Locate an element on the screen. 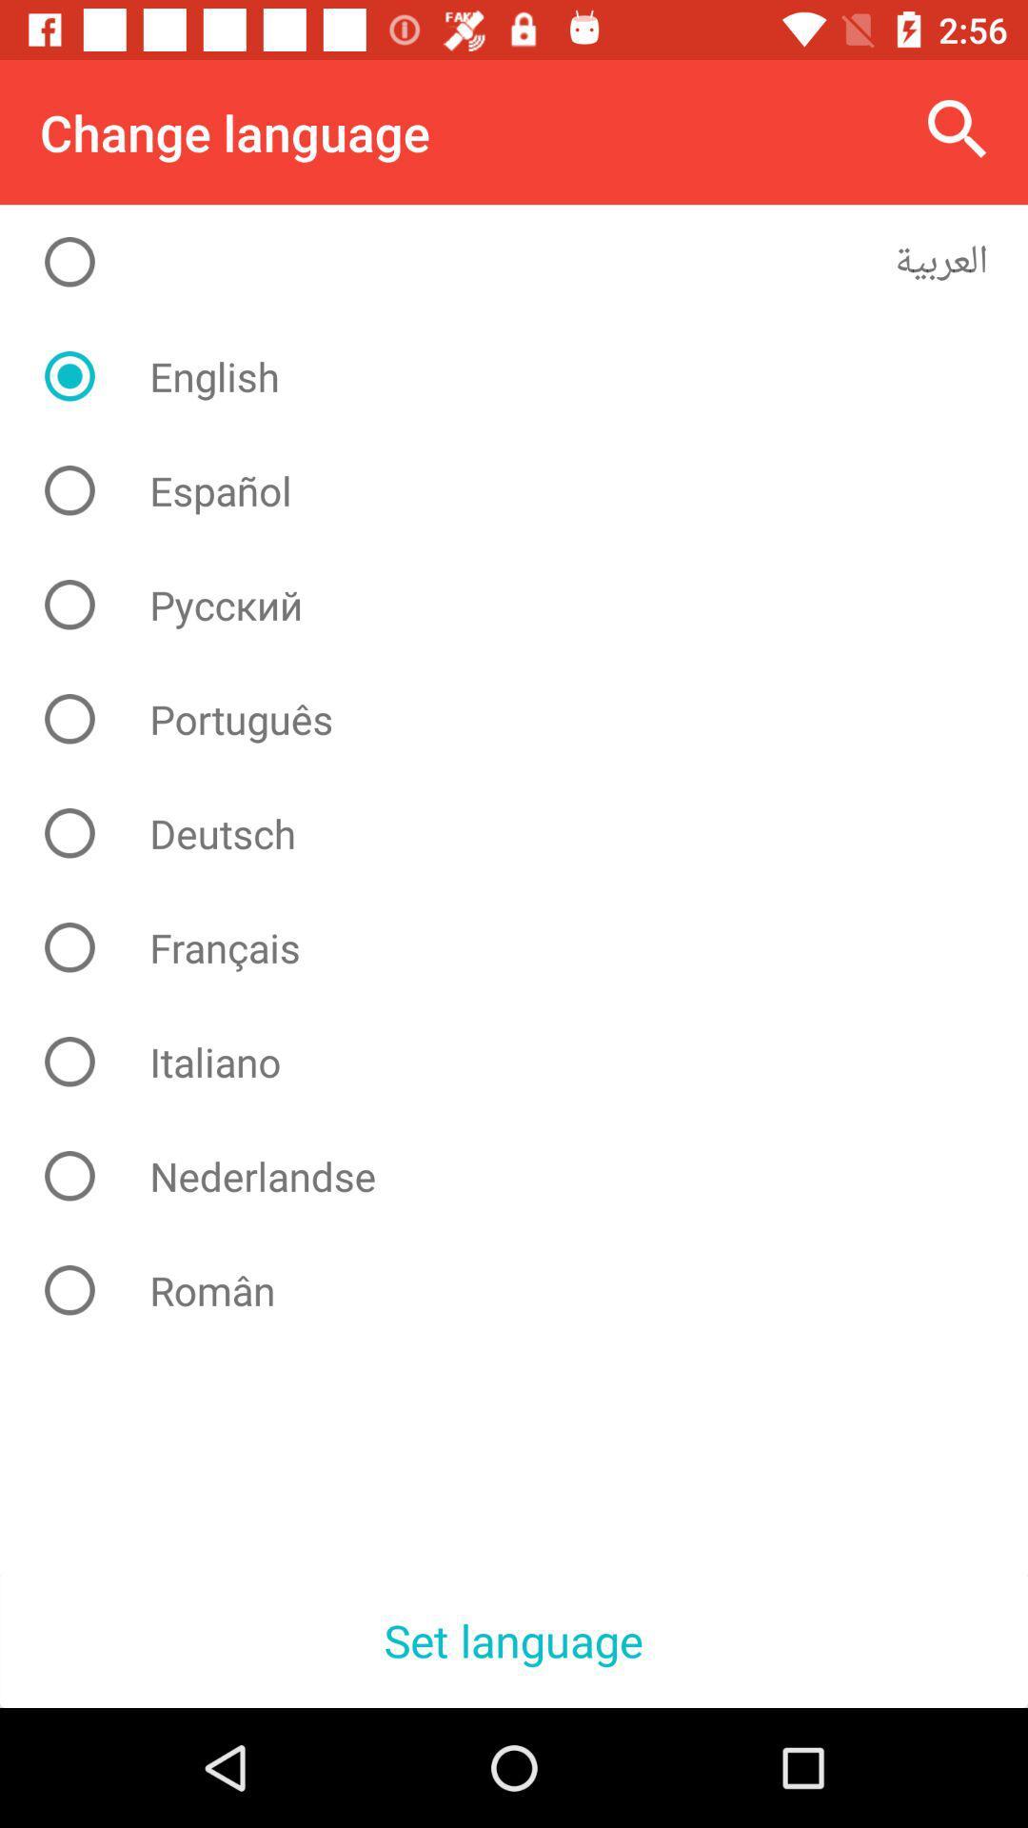 The width and height of the screenshot is (1028, 1828). the icon to the right of change language icon is located at coordinates (958, 129).